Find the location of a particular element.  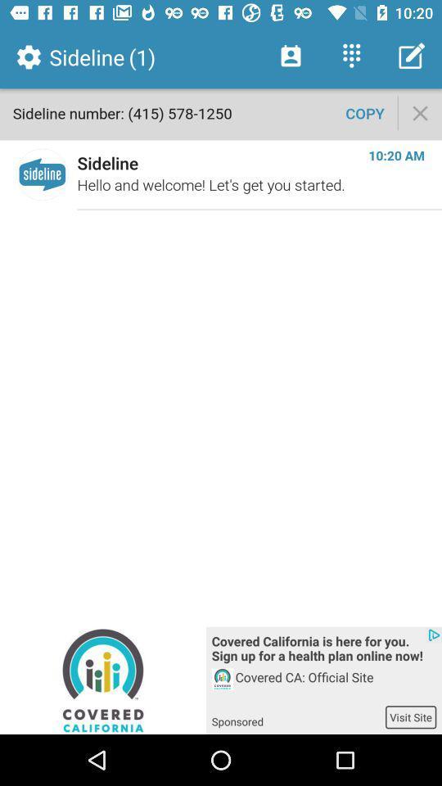

item to the right of sideline number 415 item is located at coordinates (365, 112).